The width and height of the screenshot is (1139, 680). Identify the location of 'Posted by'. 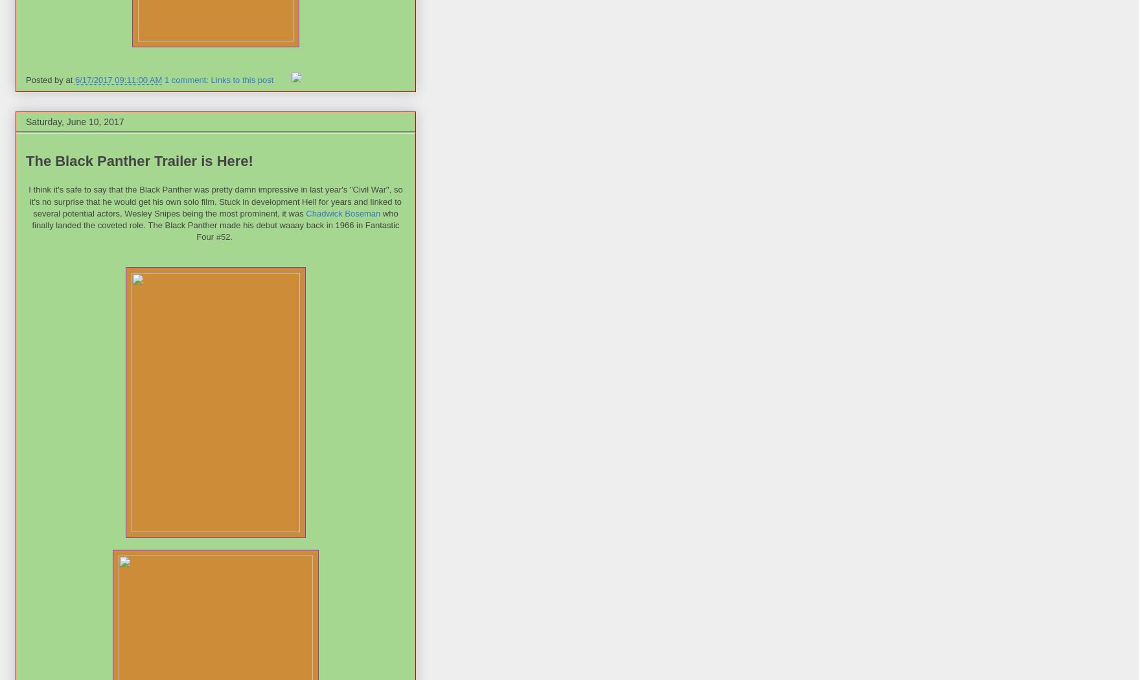
(45, 80).